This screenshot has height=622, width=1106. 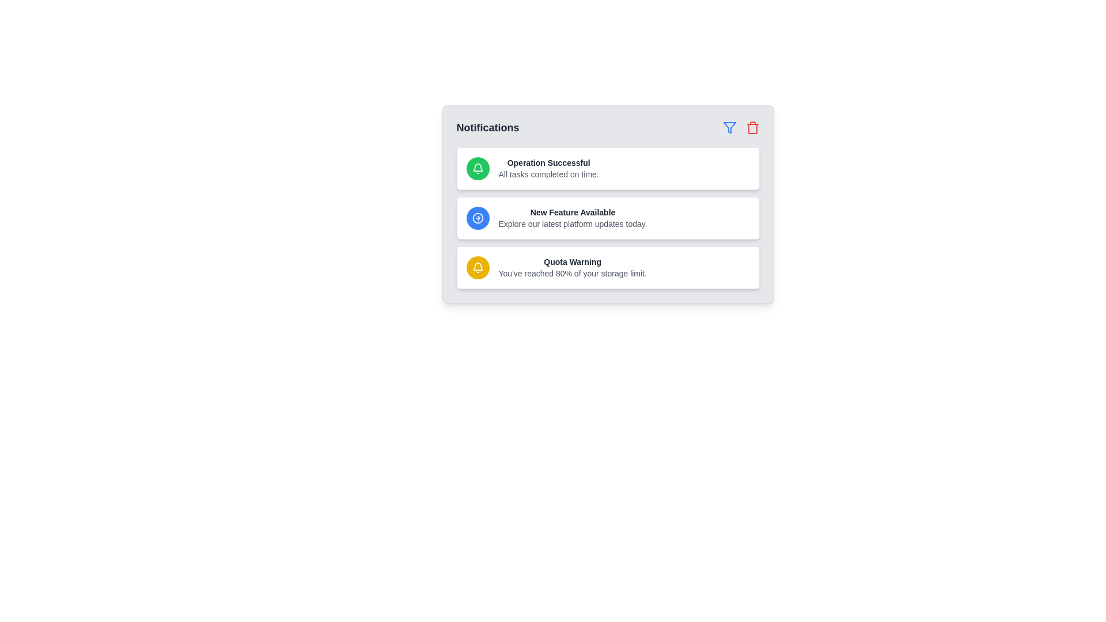 What do you see at coordinates (729, 128) in the screenshot?
I see `the triangular funnel icon representing a filter located in the top-right corner of the notification panel` at bounding box center [729, 128].